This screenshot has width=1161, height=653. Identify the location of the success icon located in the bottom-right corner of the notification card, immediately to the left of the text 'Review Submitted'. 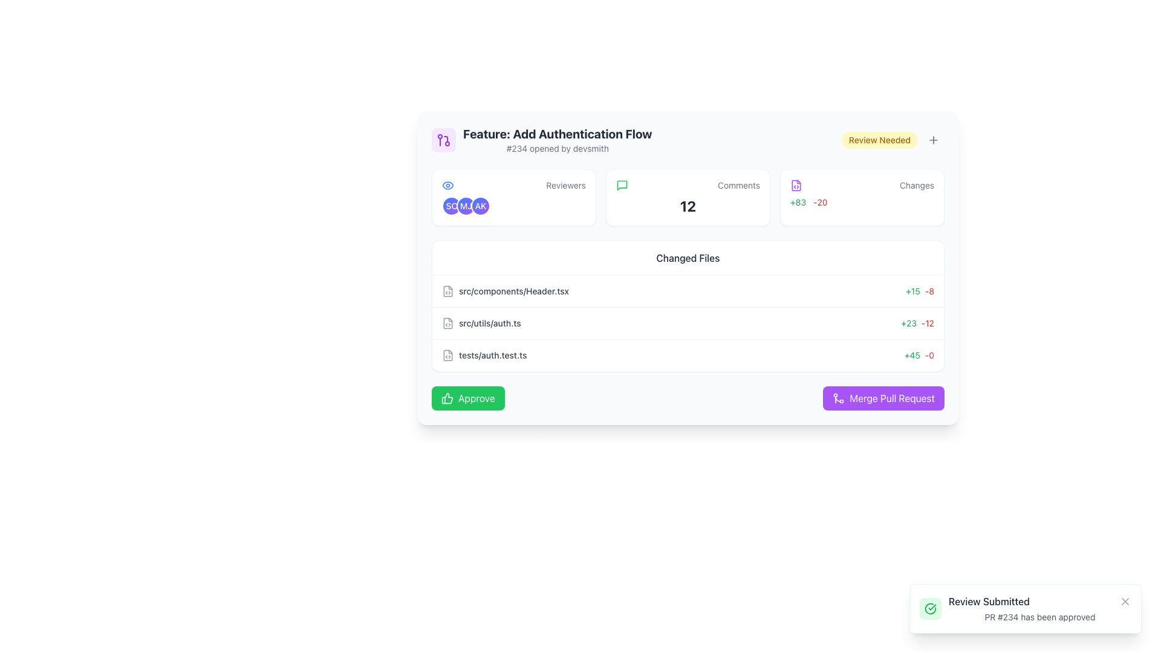
(930, 608).